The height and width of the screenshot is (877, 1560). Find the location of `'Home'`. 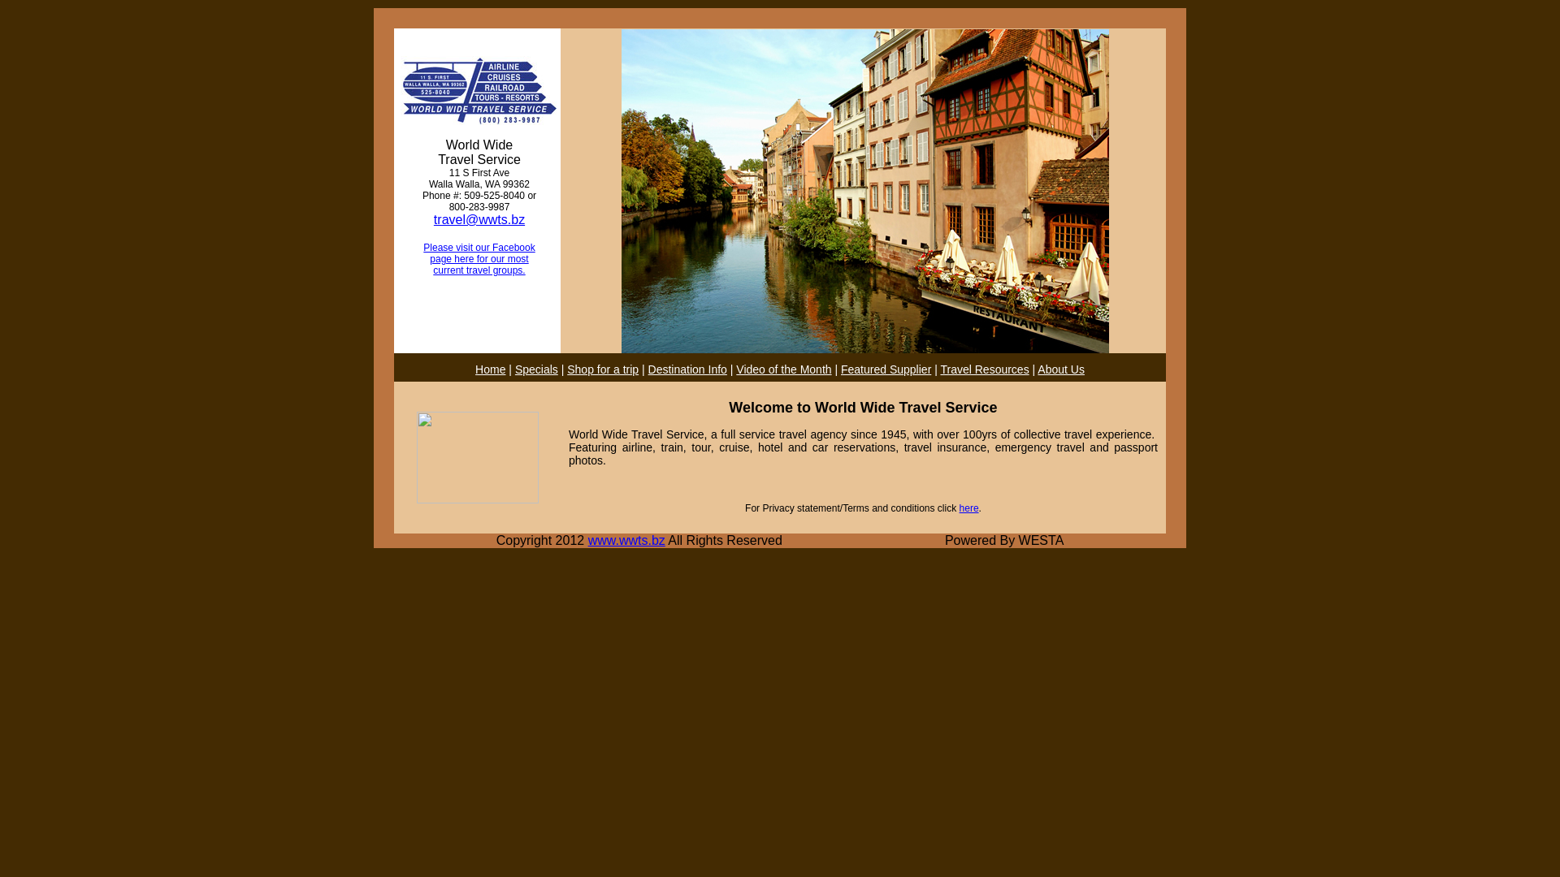

'Home' is located at coordinates (489, 369).